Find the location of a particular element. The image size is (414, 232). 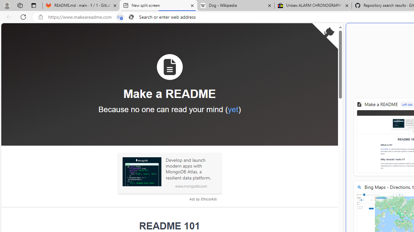

'Ads by EthicalAds' is located at coordinates (202, 198).